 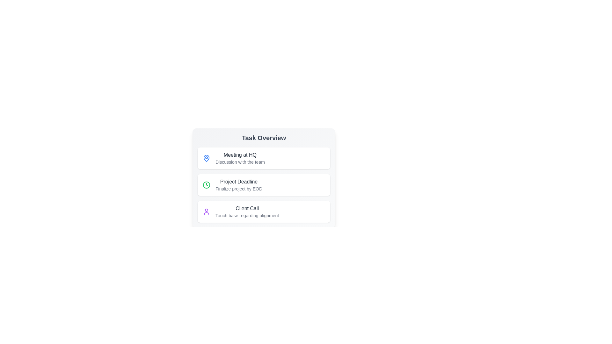 What do you see at coordinates (246, 209) in the screenshot?
I see `the title of the task 'Client Call' to edit or expand it` at bounding box center [246, 209].